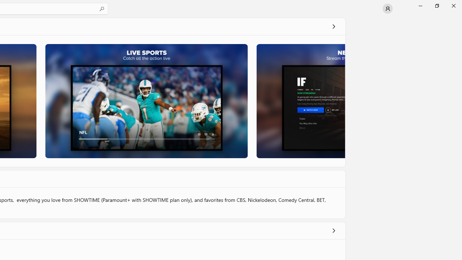  What do you see at coordinates (436, 5) in the screenshot?
I see `'Restore Microsoft Store'` at bounding box center [436, 5].